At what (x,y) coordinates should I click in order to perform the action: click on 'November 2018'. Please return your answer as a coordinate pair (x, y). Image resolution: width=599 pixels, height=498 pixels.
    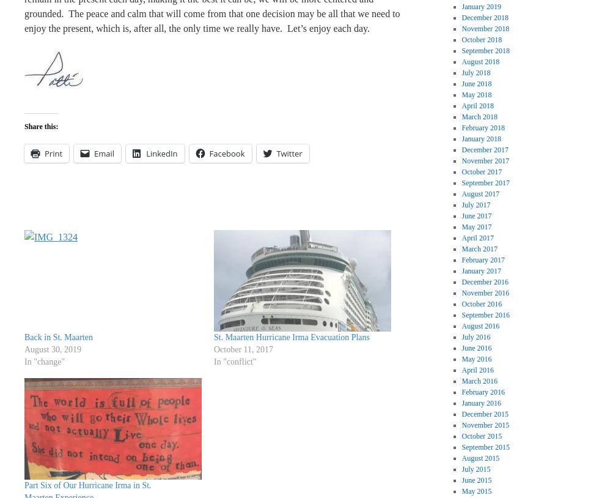
    Looking at the image, I should click on (485, 28).